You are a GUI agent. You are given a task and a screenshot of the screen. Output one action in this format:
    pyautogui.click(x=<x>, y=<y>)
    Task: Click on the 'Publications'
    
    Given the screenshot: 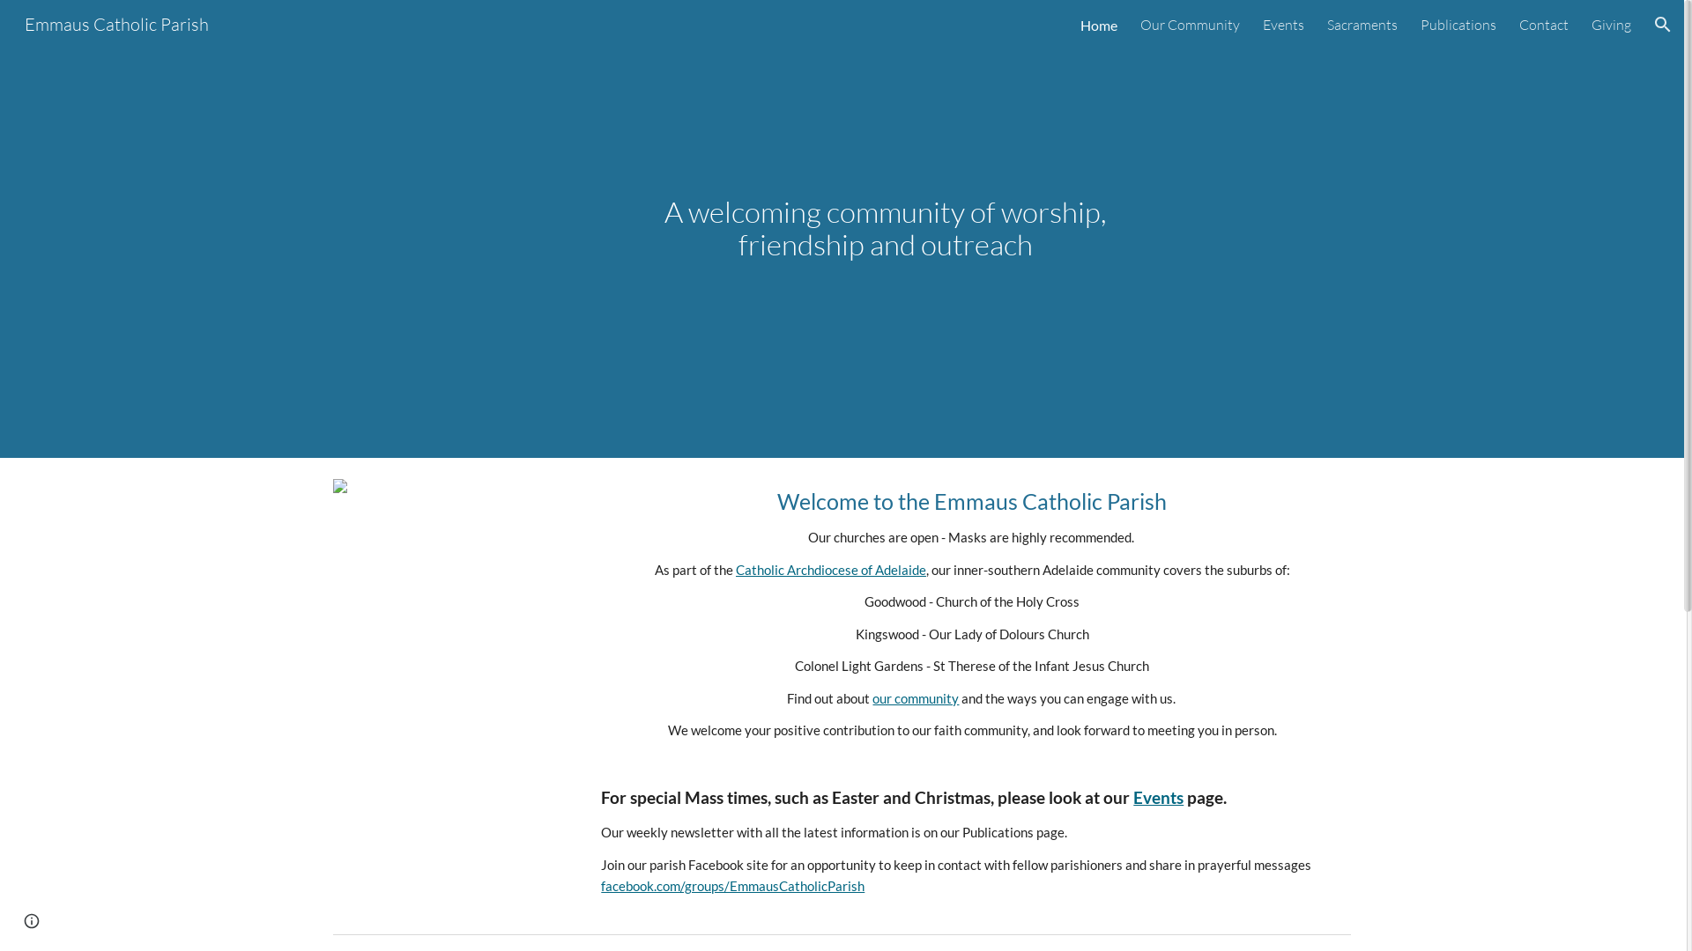 What is the action you would take?
    pyautogui.click(x=1458, y=24)
    